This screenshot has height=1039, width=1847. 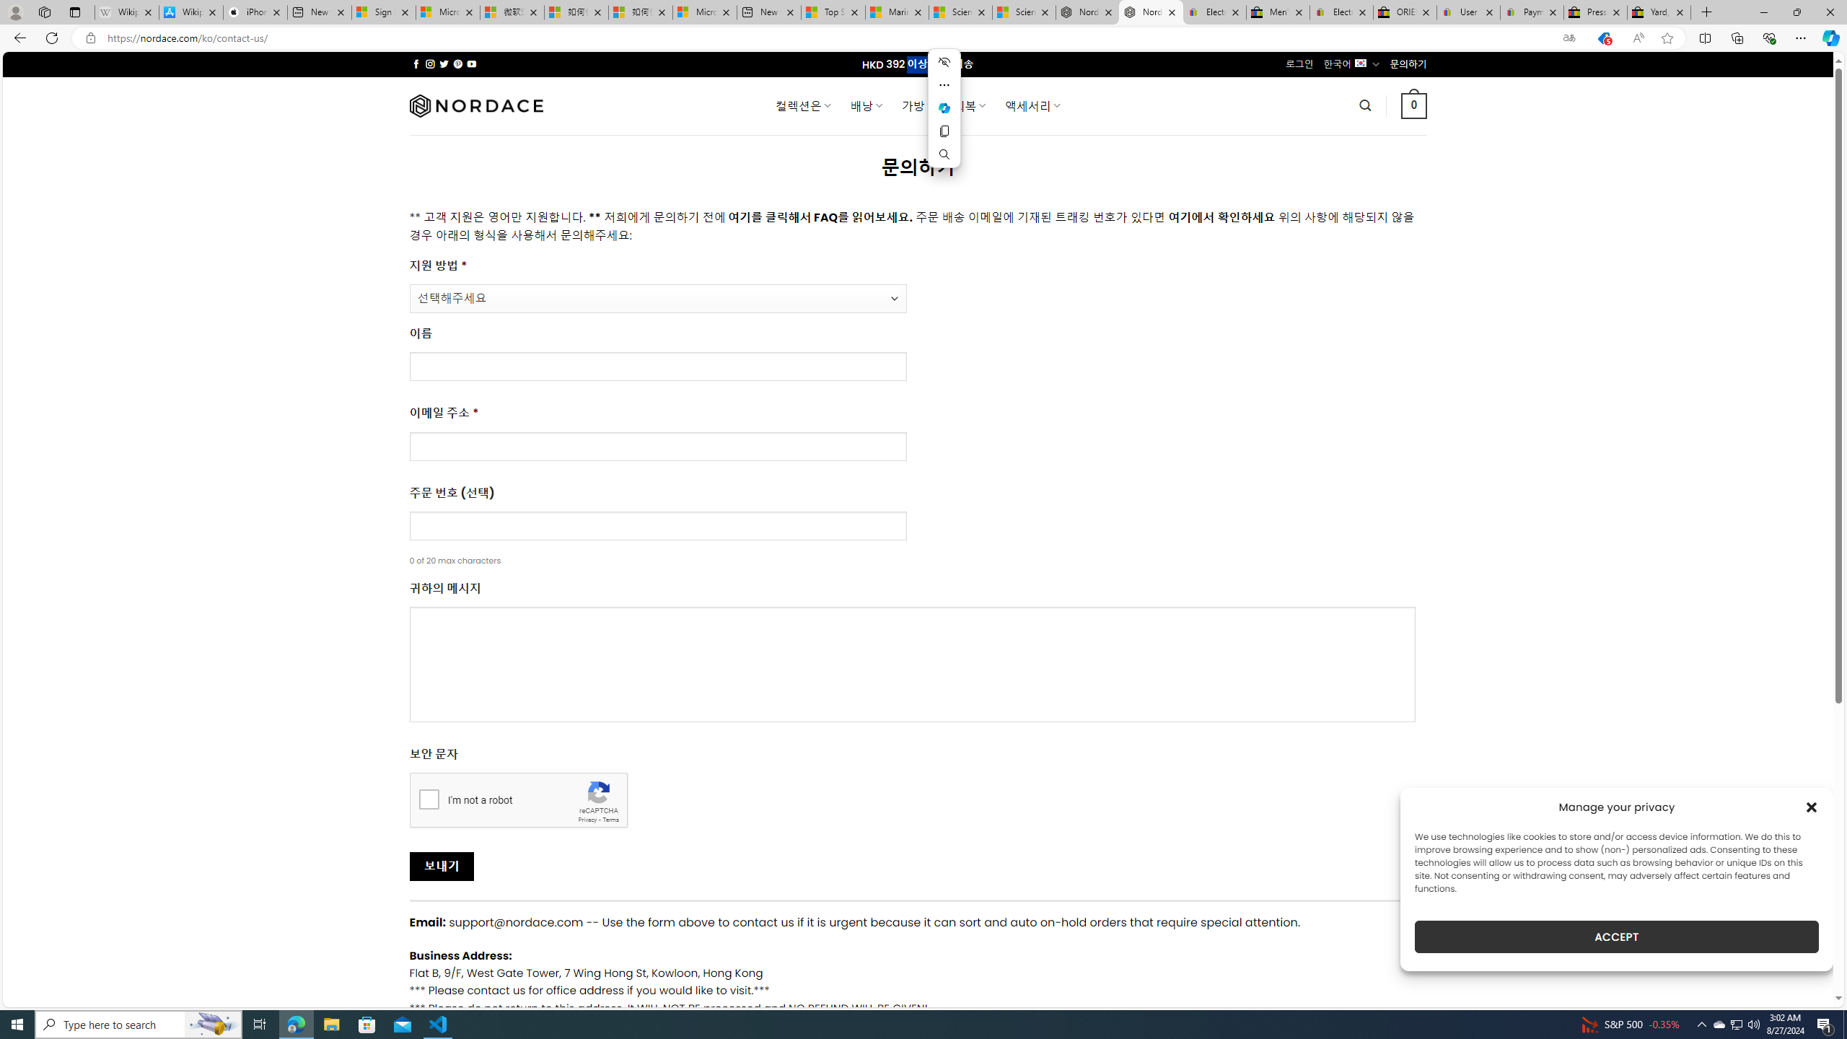 What do you see at coordinates (475, 105) in the screenshot?
I see `'Nordace'` at bounding box center [475, 105].